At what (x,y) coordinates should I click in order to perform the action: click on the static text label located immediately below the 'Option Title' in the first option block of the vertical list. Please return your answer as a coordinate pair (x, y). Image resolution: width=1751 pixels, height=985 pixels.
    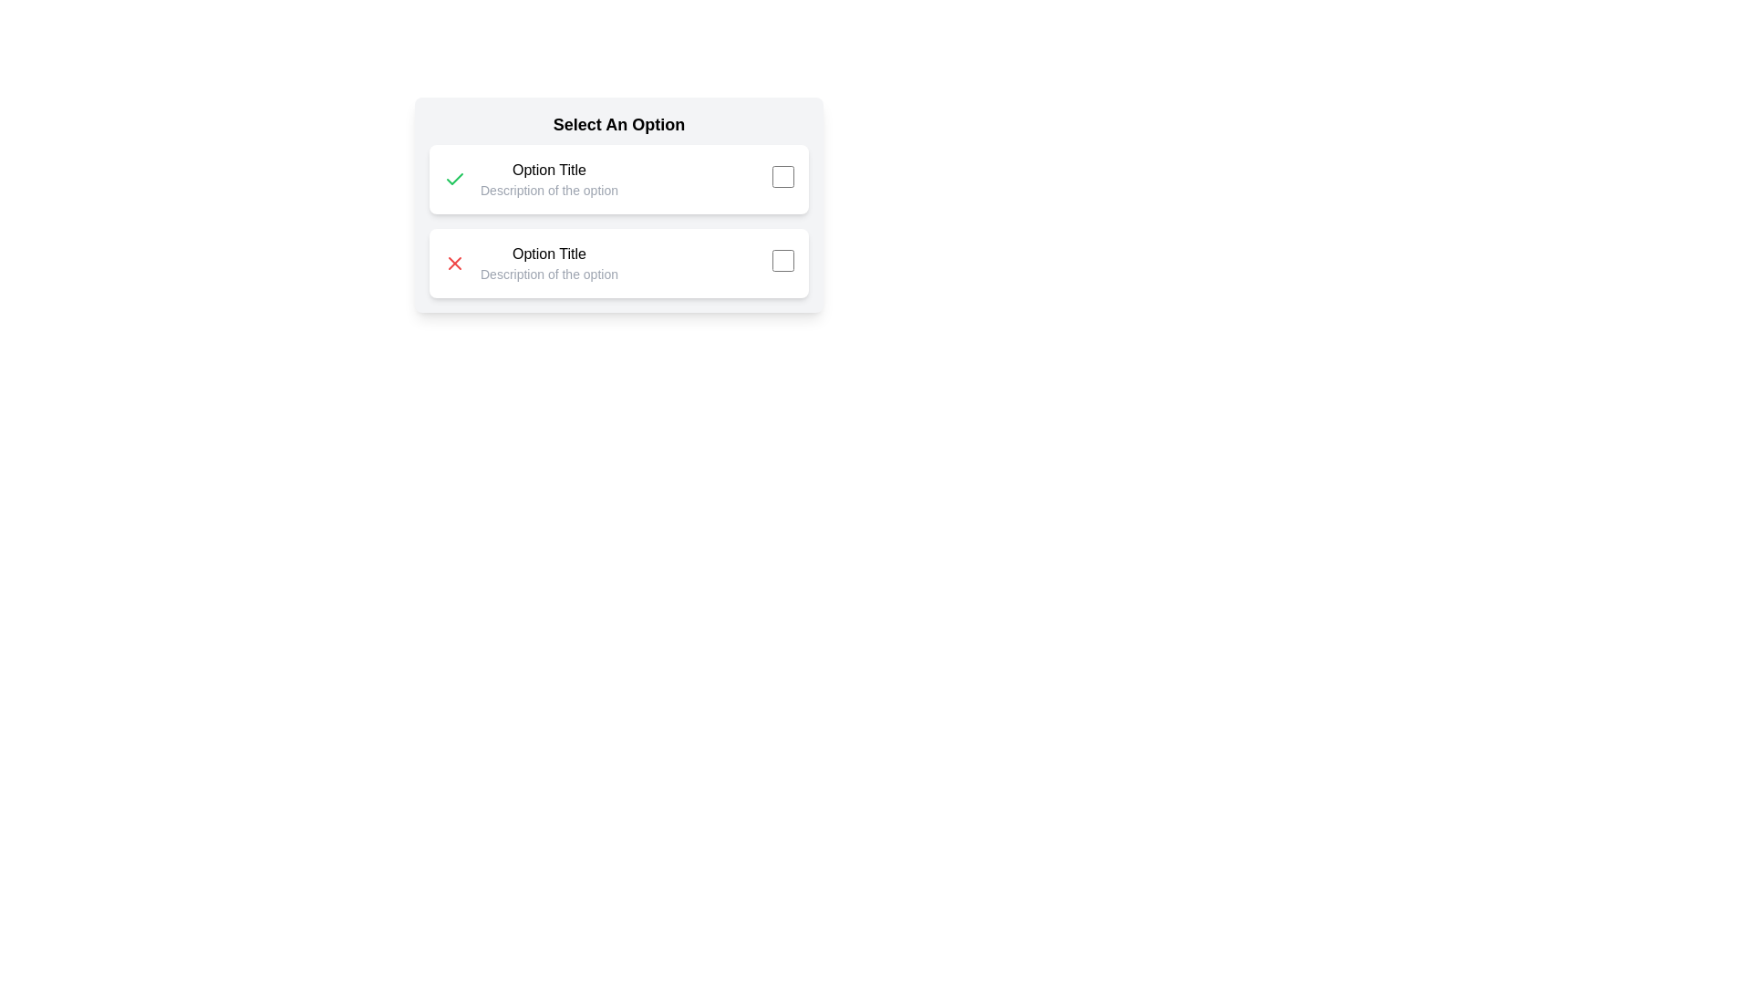
    Looking at the image, I should click on (548, 190).